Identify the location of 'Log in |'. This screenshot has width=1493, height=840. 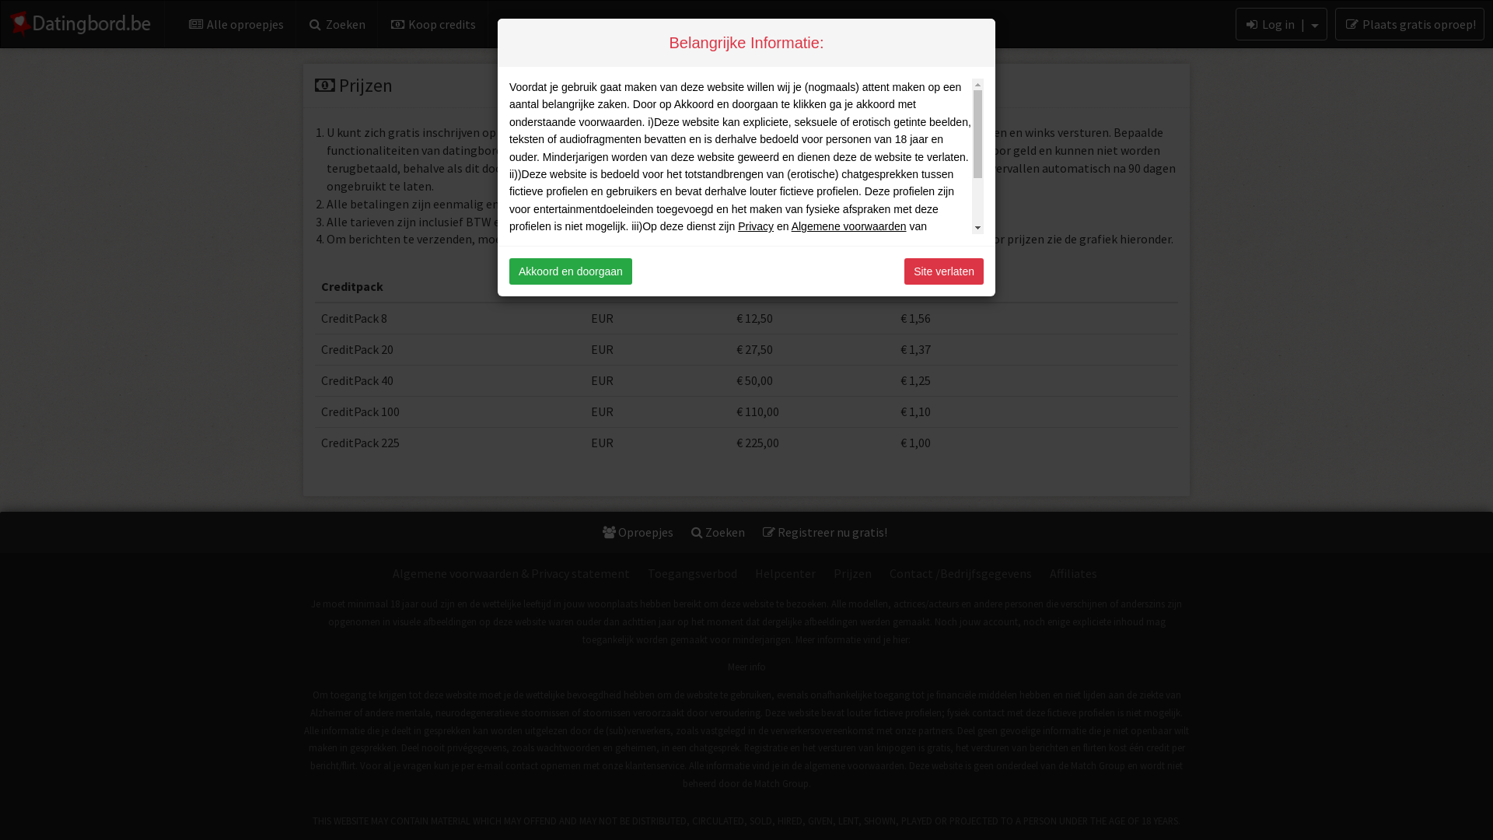
(1281, 23).